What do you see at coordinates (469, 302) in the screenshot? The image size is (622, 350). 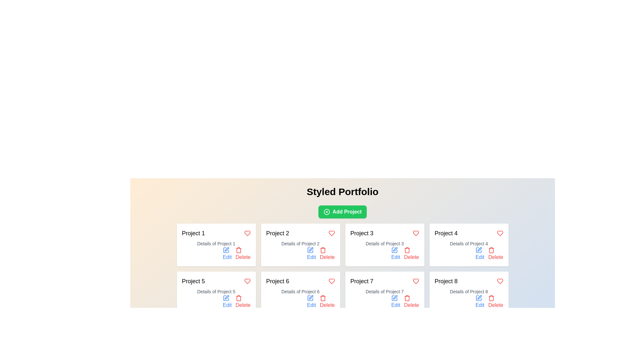 I see `the 'Edit' button, which is styled in blue and located within the composite of two buttons at the bottom-right corner of the card labeled 'Project 8'` at bounding box center [469, 302].